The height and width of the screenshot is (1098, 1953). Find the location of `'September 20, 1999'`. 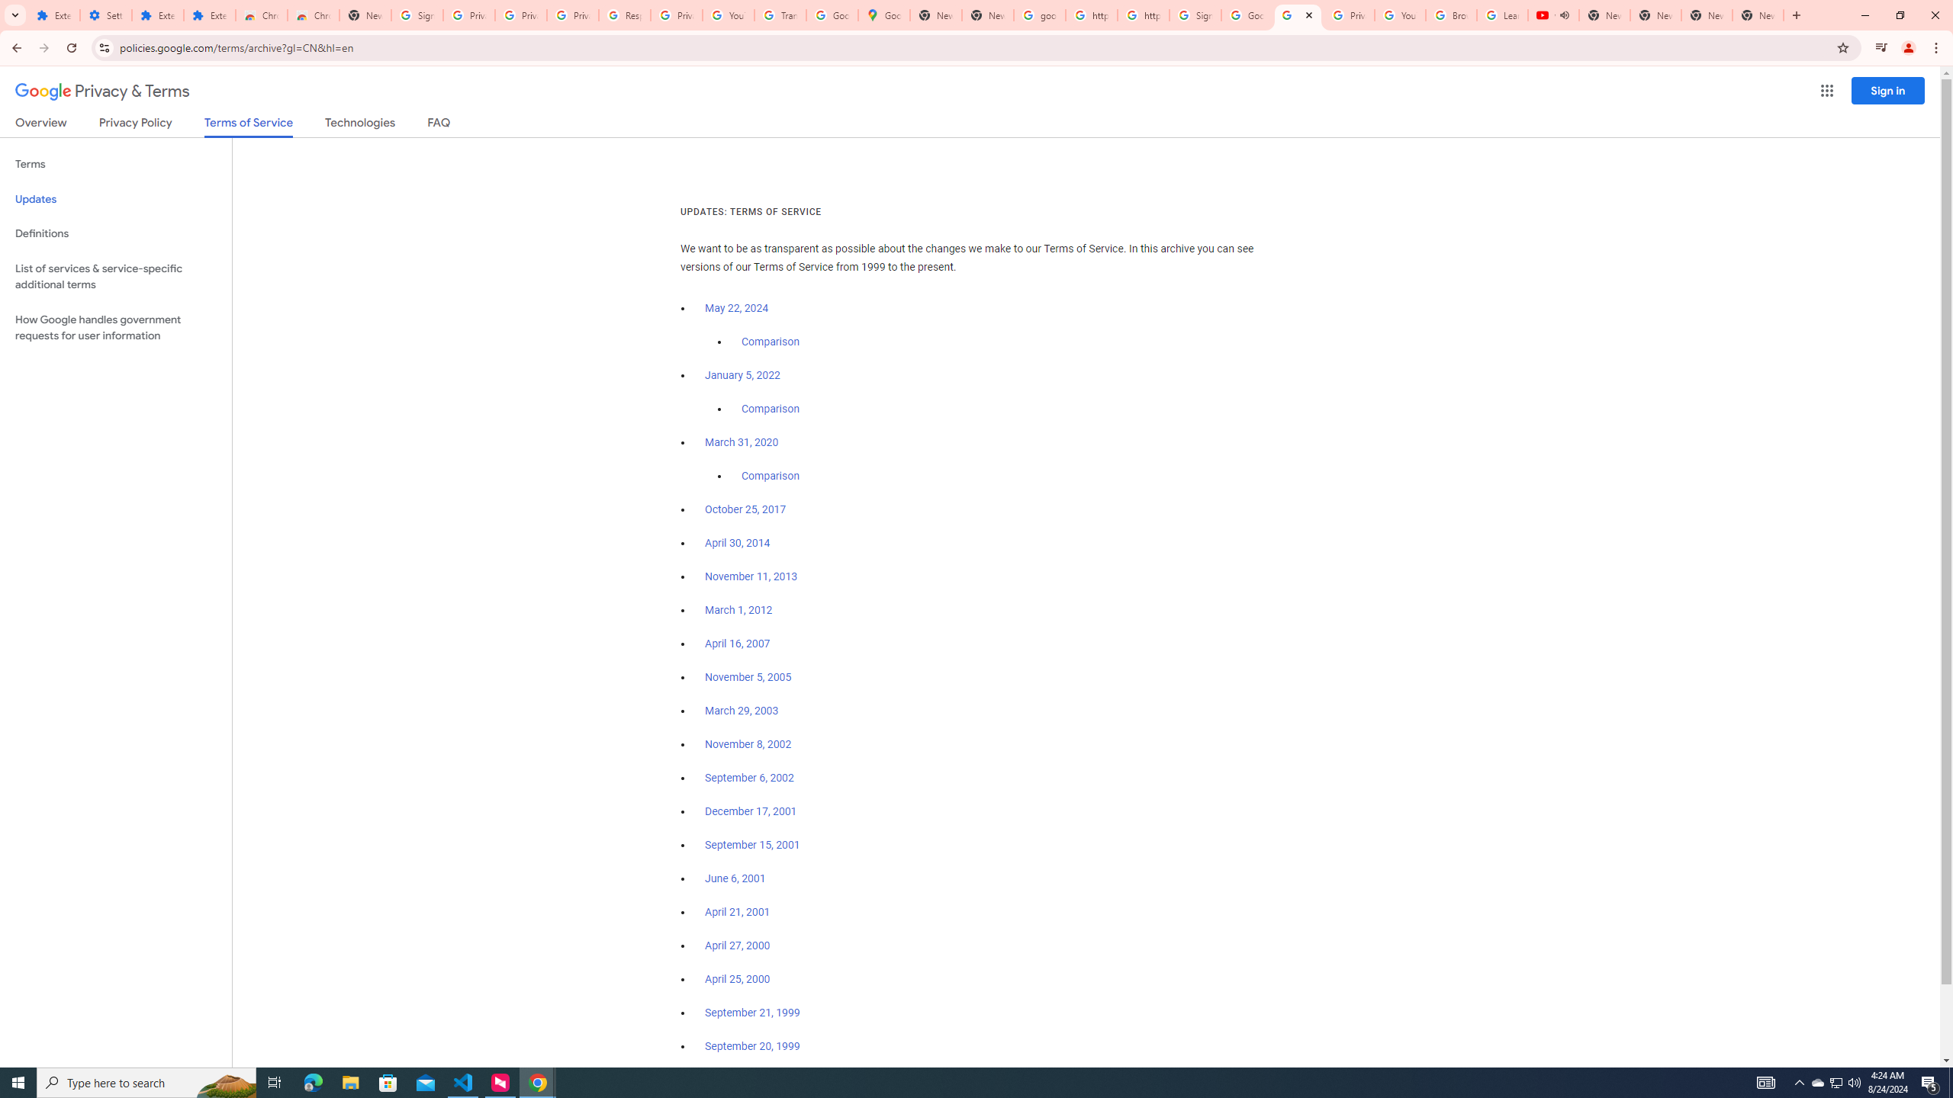

'September 20, 1999' is located at coordinates (752, 1045).